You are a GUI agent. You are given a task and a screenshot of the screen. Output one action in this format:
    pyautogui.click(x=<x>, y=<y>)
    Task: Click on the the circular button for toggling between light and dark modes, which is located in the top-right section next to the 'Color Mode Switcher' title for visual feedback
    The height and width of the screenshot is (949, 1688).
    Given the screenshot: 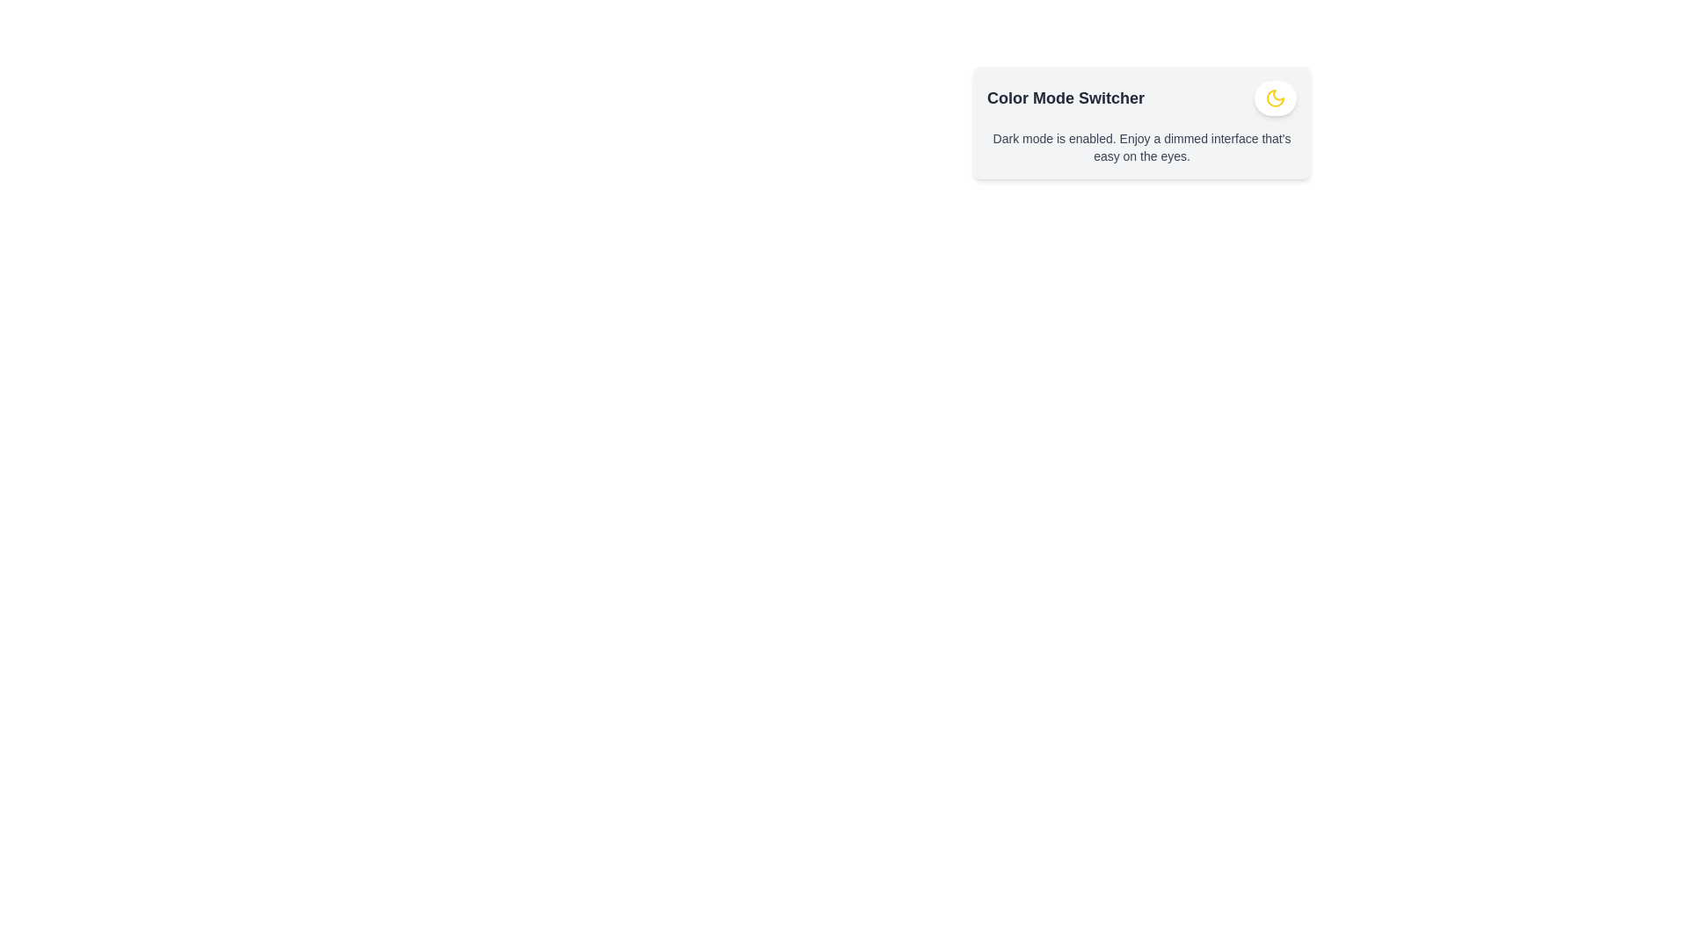 What is the action you would take?
    pyautogui.click(x=1275, y=98)
    